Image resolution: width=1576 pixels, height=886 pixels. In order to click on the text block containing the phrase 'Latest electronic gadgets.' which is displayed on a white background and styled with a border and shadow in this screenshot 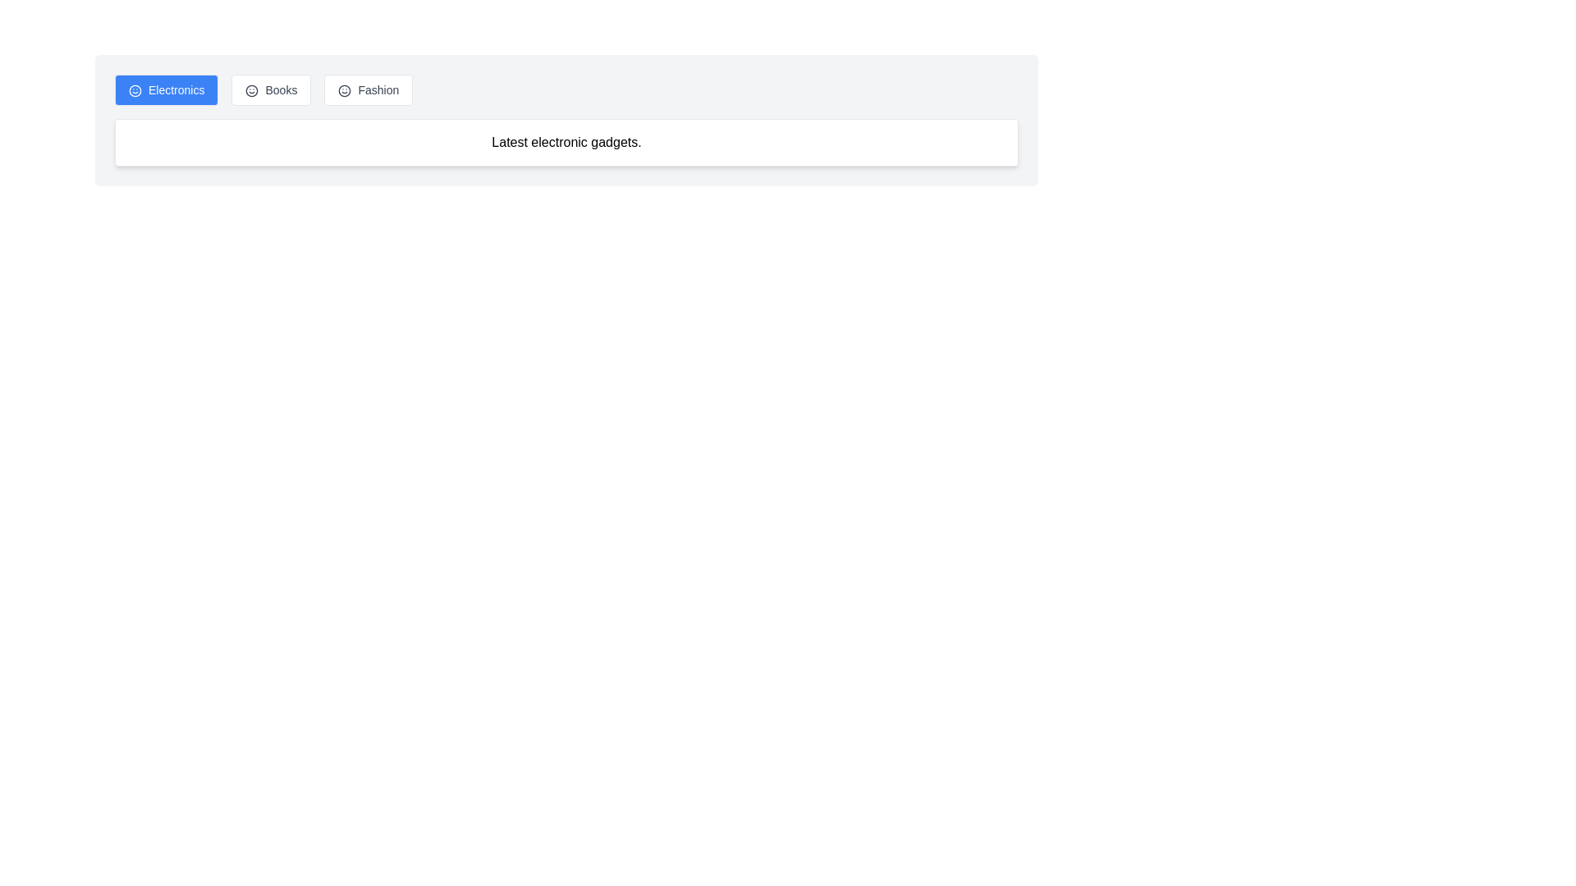, I will do `click(566, 141)`.